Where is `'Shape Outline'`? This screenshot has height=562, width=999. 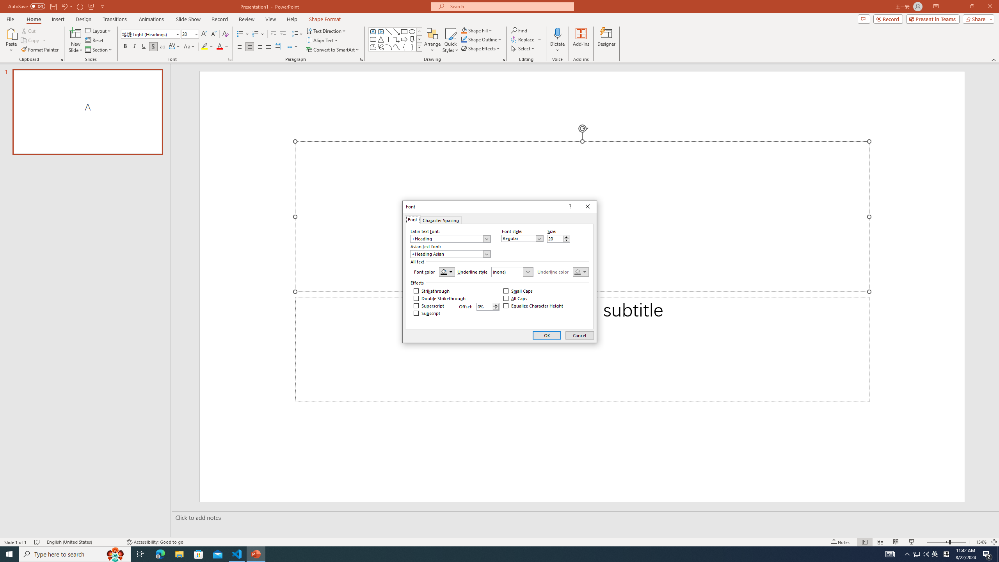 'Shape Outline' is located at coordinates (481, 39).